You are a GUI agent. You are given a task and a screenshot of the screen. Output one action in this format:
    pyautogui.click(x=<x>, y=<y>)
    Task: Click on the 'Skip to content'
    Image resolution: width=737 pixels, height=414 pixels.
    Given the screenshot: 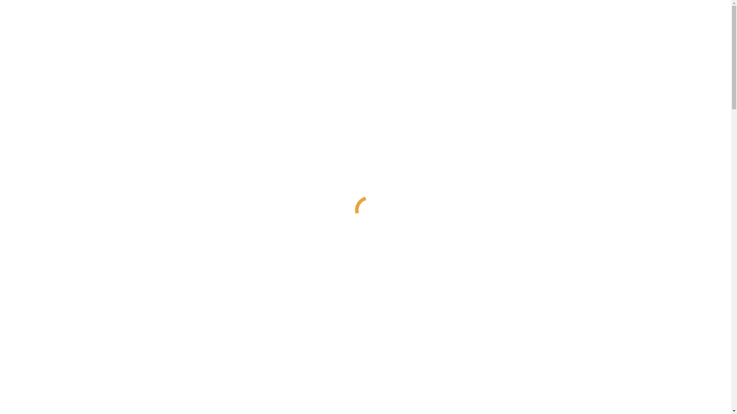 What is the action you would take?
    pyautogui.click(x=3, y=3)
    